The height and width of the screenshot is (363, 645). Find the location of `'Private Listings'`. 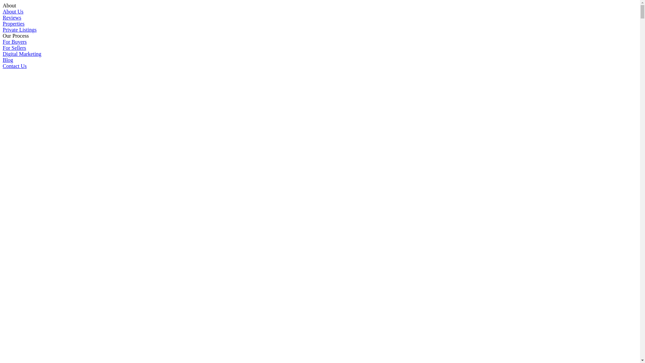

'Private Listings' is located at coordinates (3, 29).